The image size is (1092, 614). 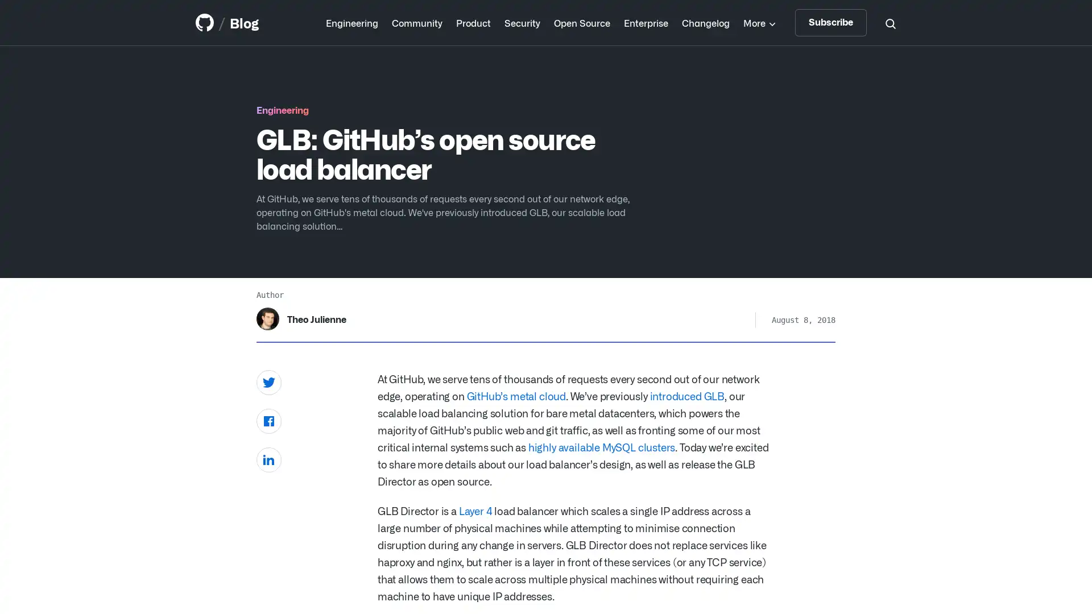 What do you see at coordinates (890, 22) in the screenshot?
I see `Search toggle` at bounding box center [890, 22].